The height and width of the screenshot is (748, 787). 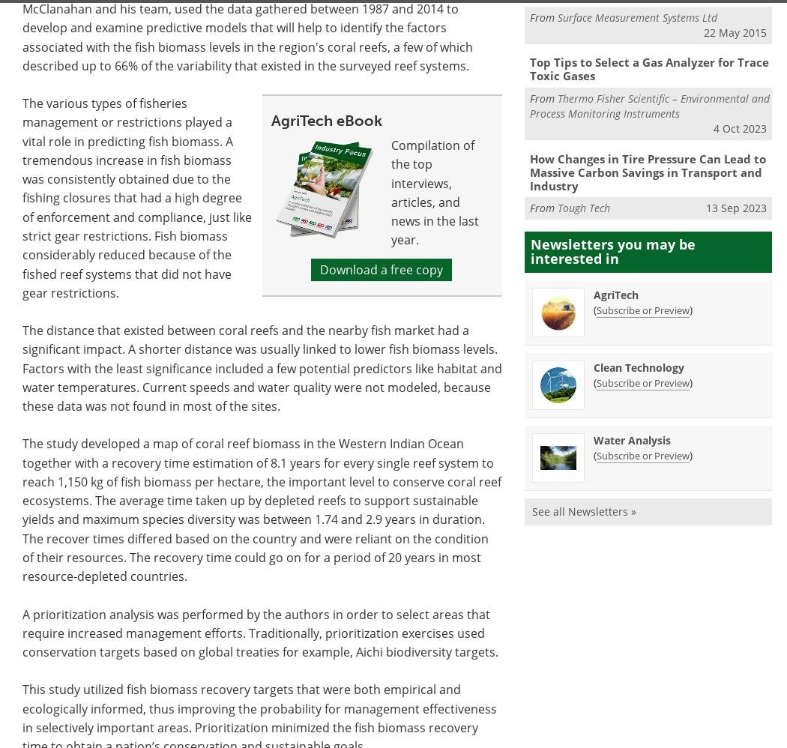 I want to click on 'Newsletters you may be', so click(x=612, y=244).